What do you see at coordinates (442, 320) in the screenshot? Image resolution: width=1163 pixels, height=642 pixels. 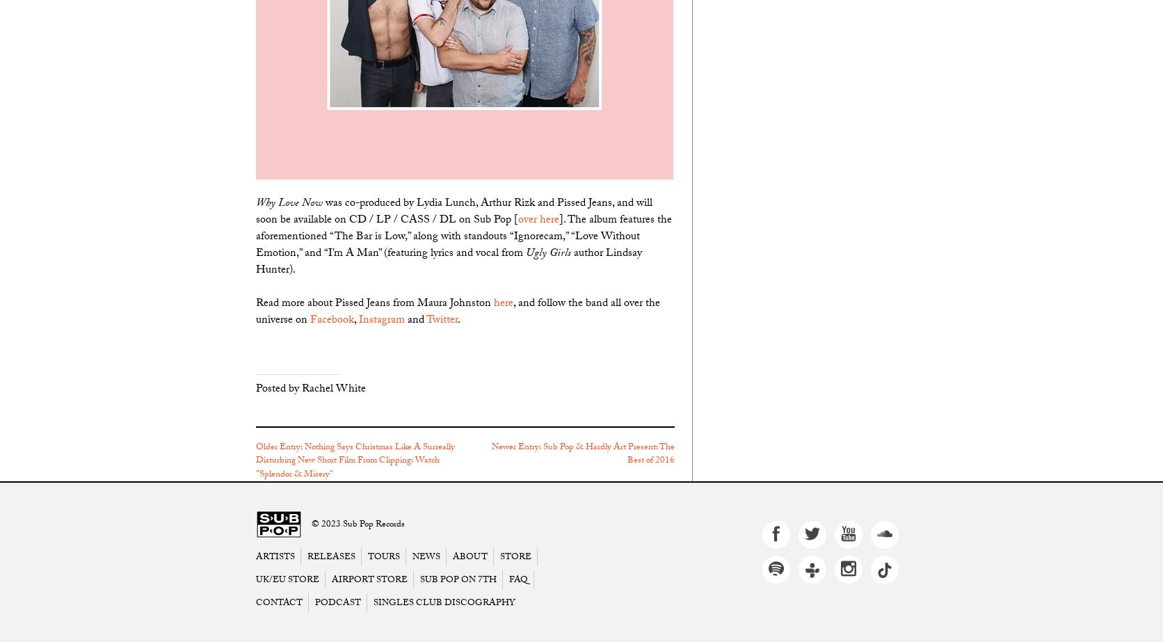 I see `'Twitter'` at bounding box center [442, 320].